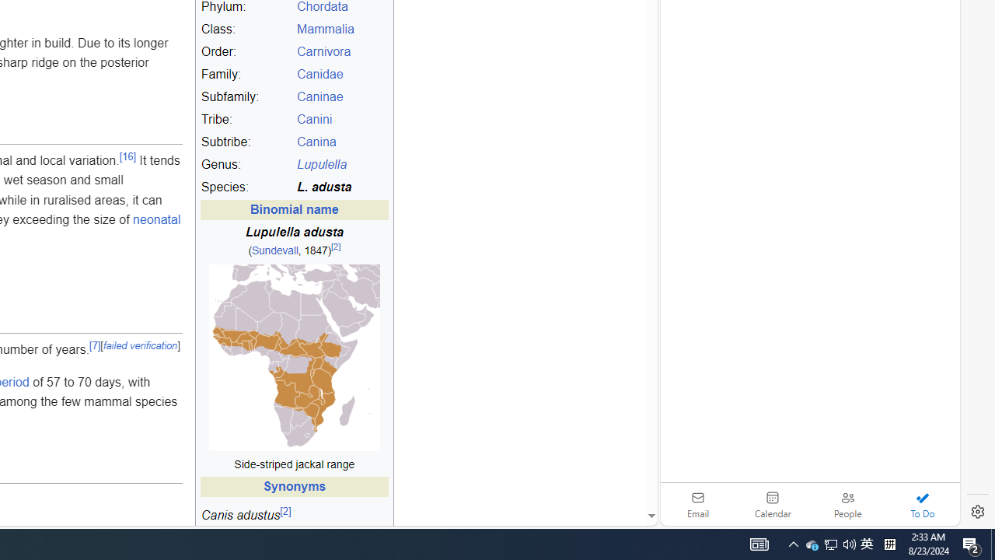 The image size is (995, 560). I want to click on 'Subfamily:', so click(246, 97).